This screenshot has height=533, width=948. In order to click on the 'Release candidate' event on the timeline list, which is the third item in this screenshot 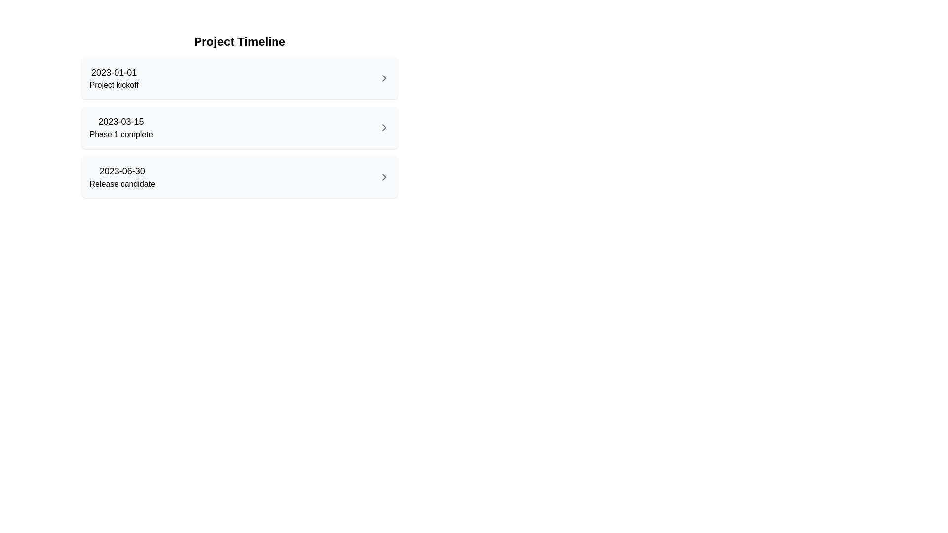, I will do `click(239, 176)`.